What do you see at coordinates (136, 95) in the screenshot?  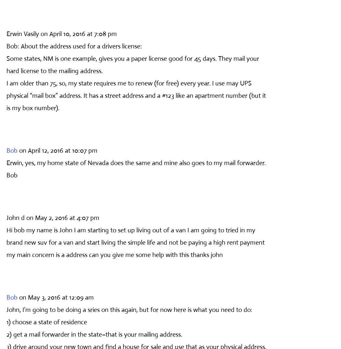 I see `'I am older than 75, so, my state requires me to renew (for free) every year. I use may UPS physical “mail box” address. It has a street address and a #123 like an apartment number (but it is my box number).'` at bounding box center [136, 95].